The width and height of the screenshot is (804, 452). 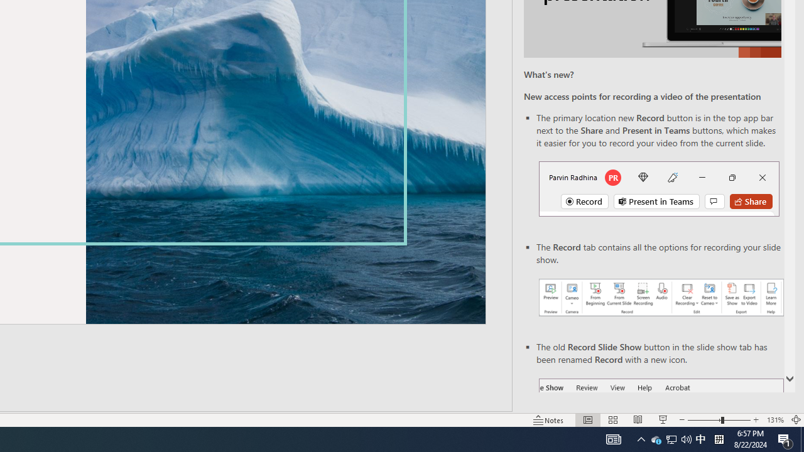 What do you see at coordinates (756, 420) in the screenshot?
I see `'Zoom In'` at bounding box center [756, 420].